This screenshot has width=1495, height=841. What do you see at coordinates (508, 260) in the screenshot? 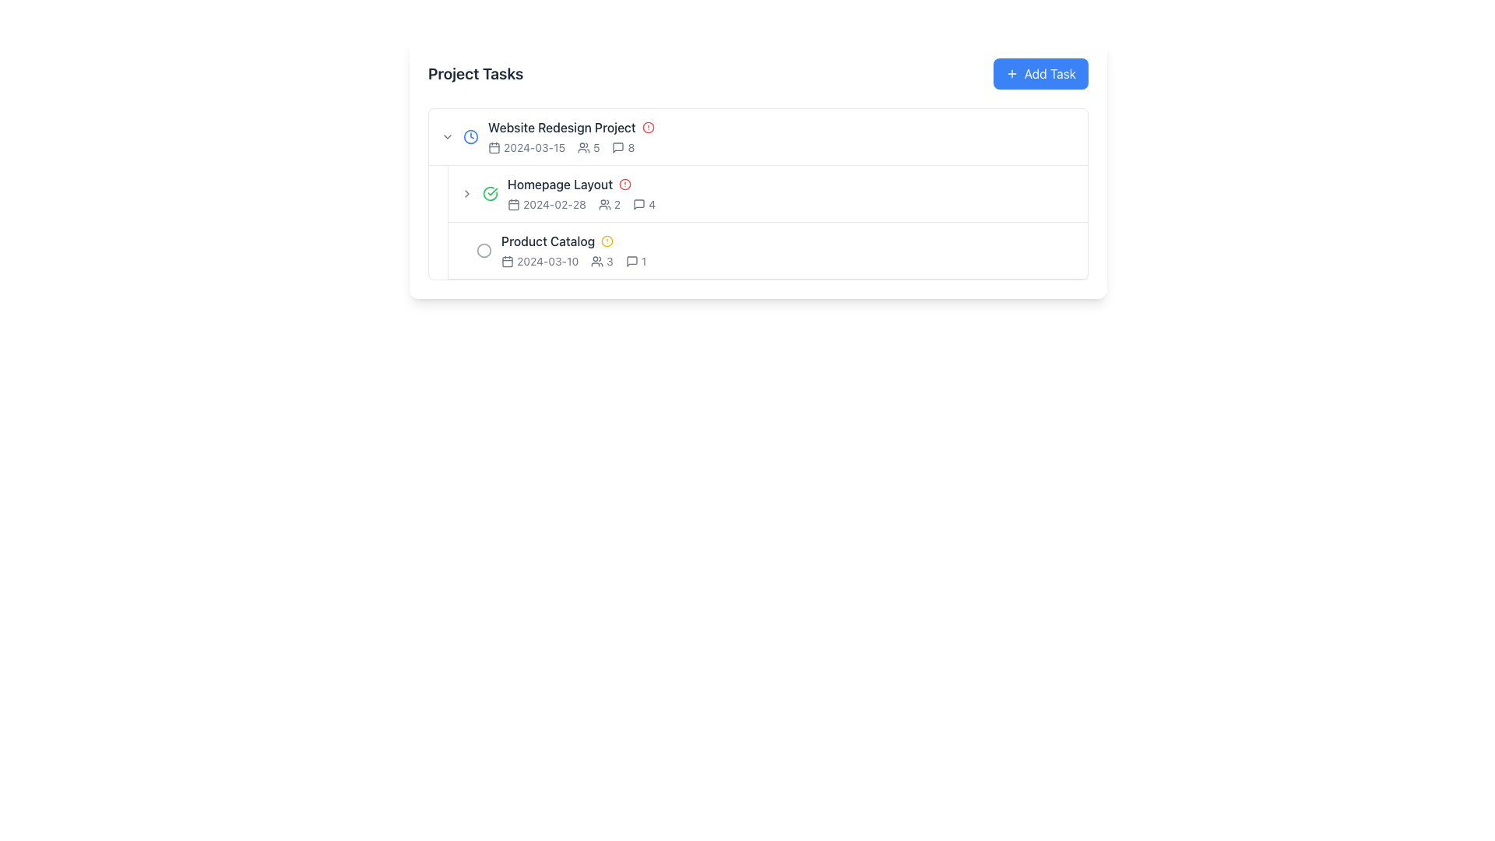
I see `the Calendar icon component located in the 'Product Catalog' row under the date '2024-03-10' in the 'Project Tasks' interface` at bounding box center [508, 260].